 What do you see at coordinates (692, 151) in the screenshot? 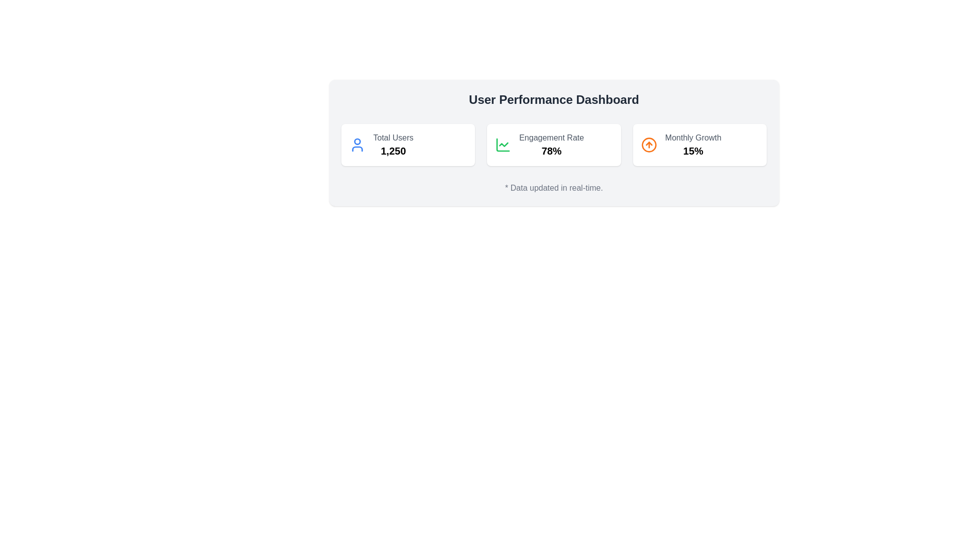
I see `the text element displaying '15%' which represents the 'Monthly Growth' in the dashboard, styled with a large and bold font, located in the second line of text within a card in the third column of a three-column grid` at bounding box center [692, 151].